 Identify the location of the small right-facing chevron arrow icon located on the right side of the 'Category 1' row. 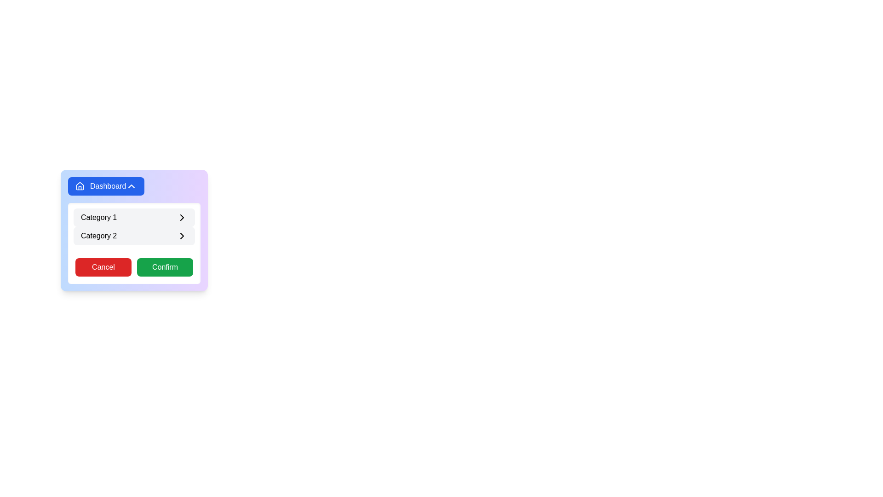
(182, 218).